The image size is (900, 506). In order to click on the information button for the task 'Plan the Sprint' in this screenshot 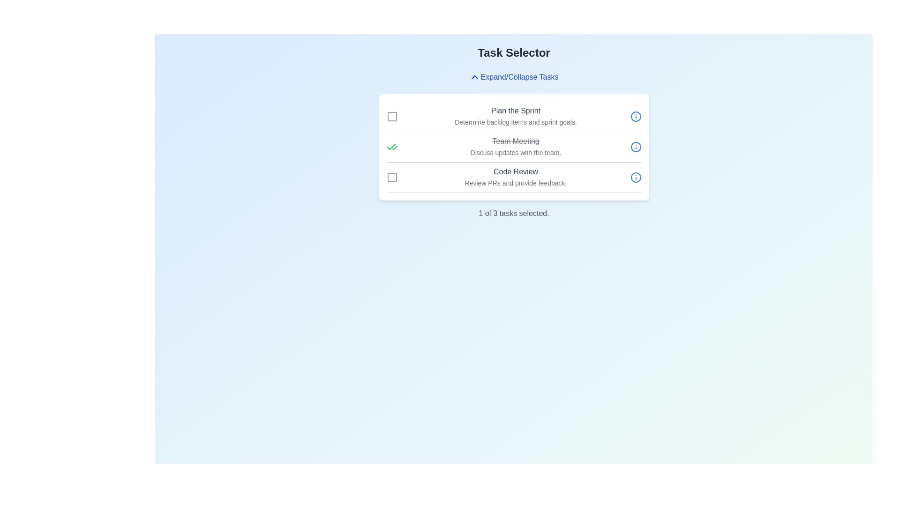, I will do `click(636, 116)`.